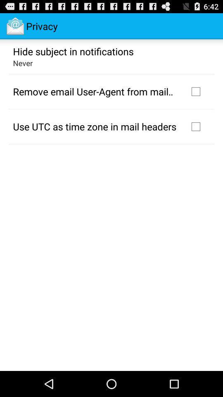  What do you see at coordinates (23, 62) in the screenshot?
I see `the never` at bounding box center [23, 62].